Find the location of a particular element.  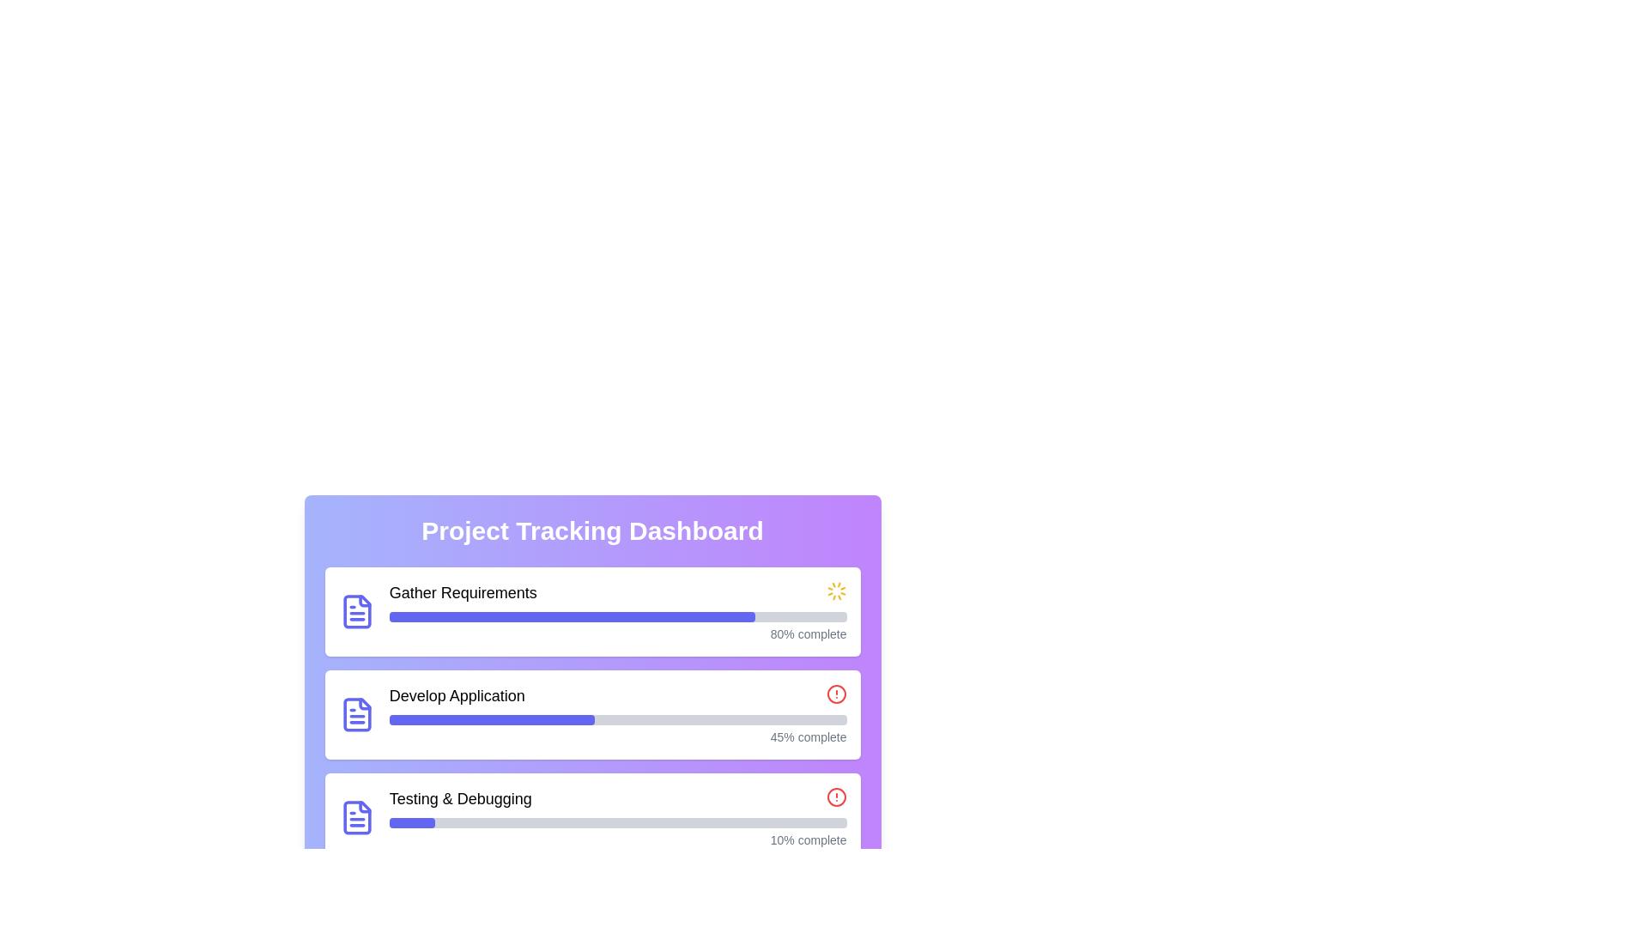

the icon representing the 'Testing & Debugging' task, located to the left of the corresponding text and progress bar is located at coordinates (356, 816).